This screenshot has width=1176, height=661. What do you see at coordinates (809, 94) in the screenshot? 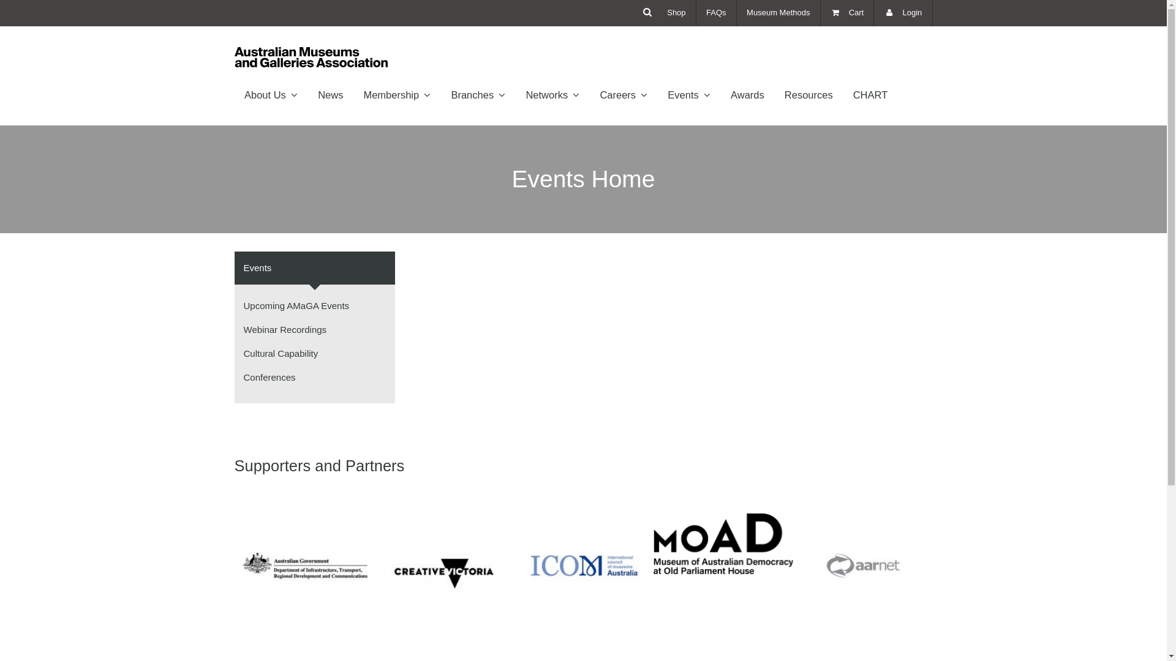
I see `'Resources'` at bounding box center [809, 94].